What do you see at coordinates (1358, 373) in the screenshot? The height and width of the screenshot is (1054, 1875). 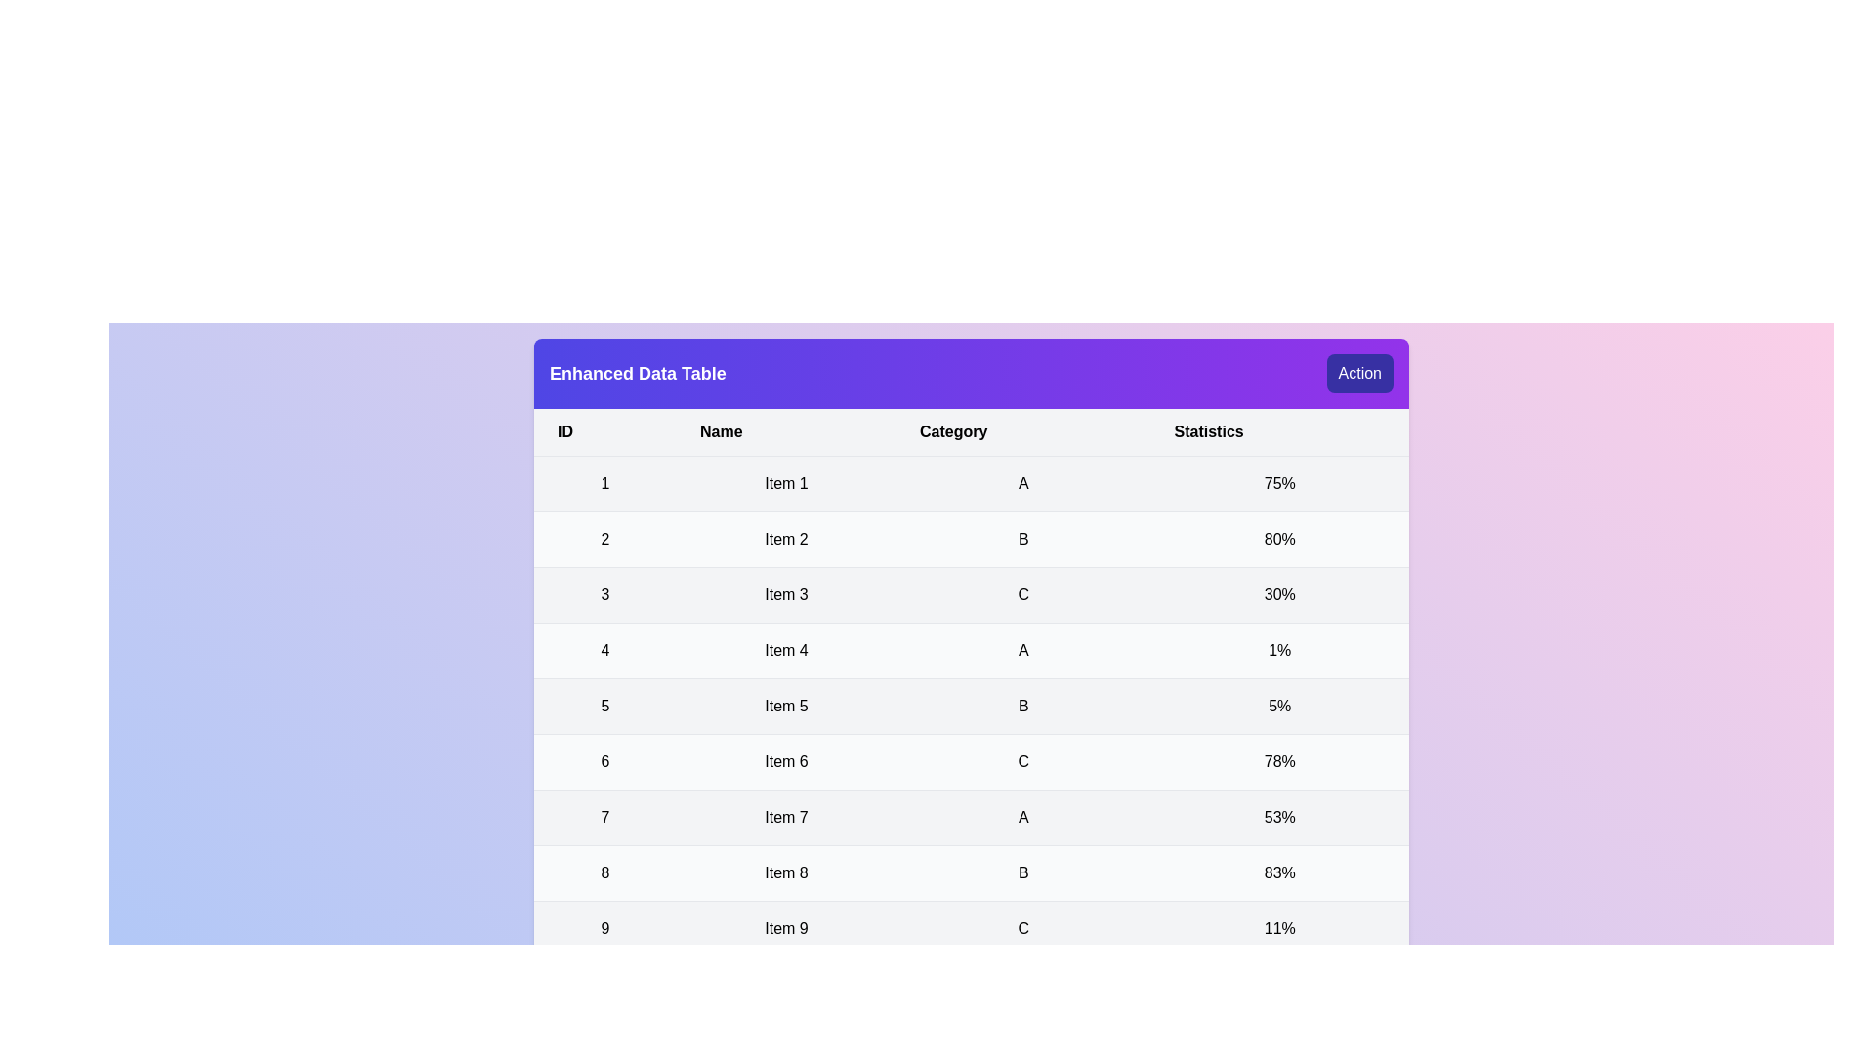 I see `'Action' button in the header` at bounding box center [1358, 373].